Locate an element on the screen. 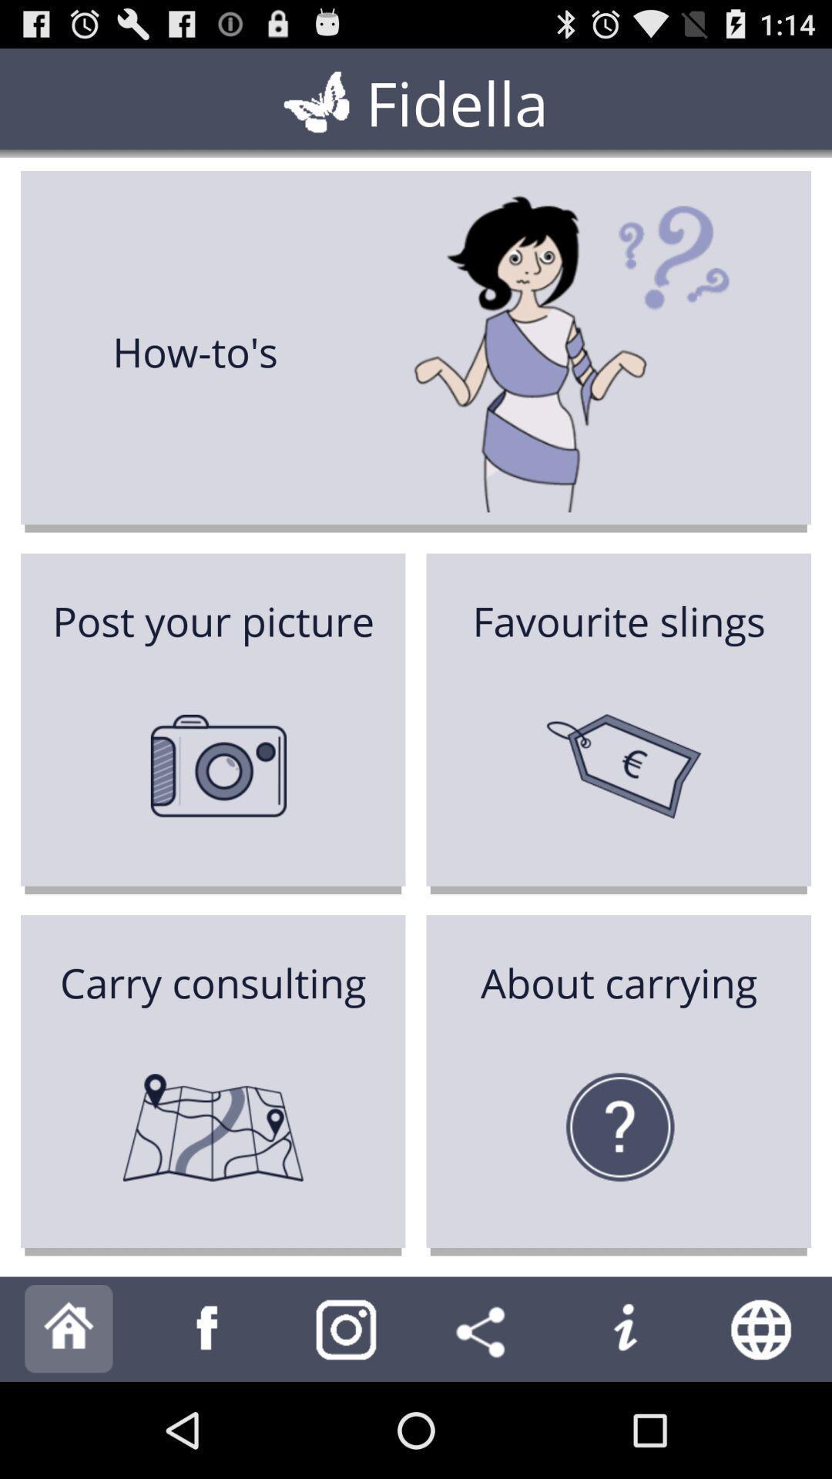 Image resolution: width=832 pixels, height=1479 pixels. take photo is located at coordinates (347, 1328).